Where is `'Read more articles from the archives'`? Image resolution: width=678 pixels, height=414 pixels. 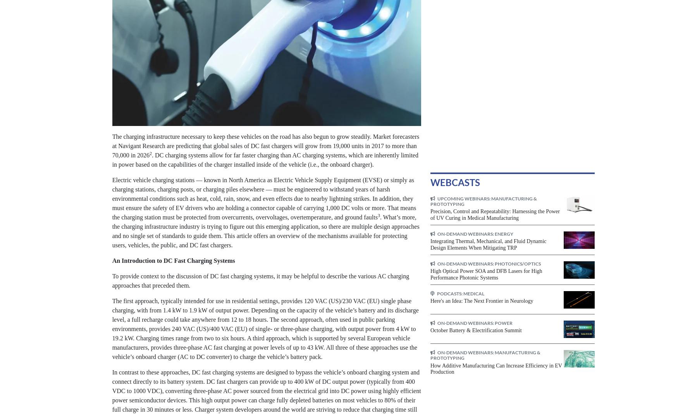
'Read more articles from the archives' is located at coordinates (319, 43).